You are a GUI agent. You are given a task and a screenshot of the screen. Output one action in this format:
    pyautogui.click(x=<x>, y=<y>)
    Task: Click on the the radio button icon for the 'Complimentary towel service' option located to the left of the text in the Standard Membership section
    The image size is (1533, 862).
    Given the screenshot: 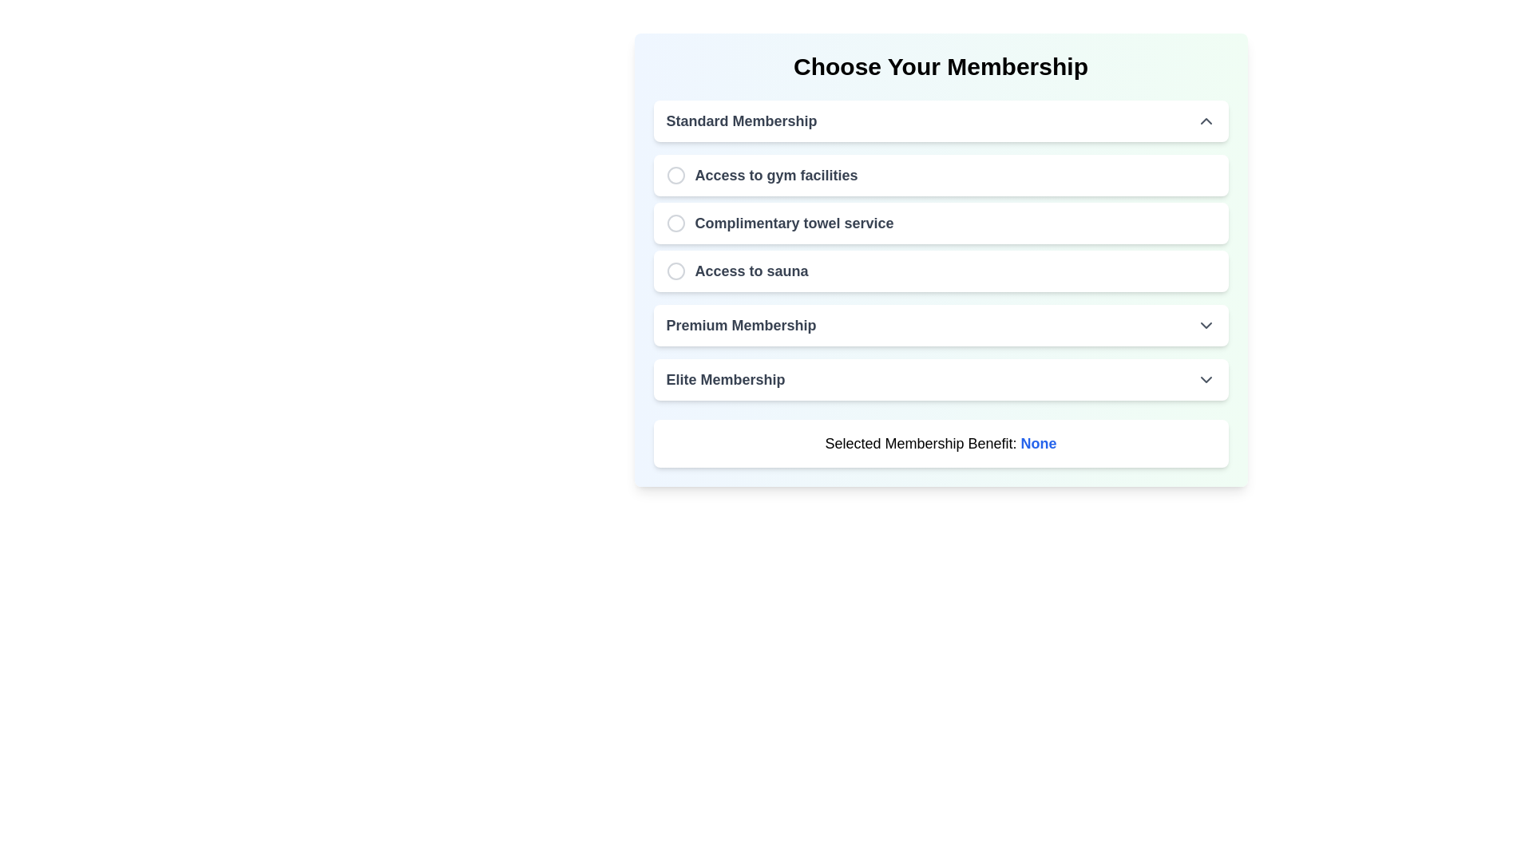 What is the action you would take?
    pyautogui.click(x=675, y=223)
    